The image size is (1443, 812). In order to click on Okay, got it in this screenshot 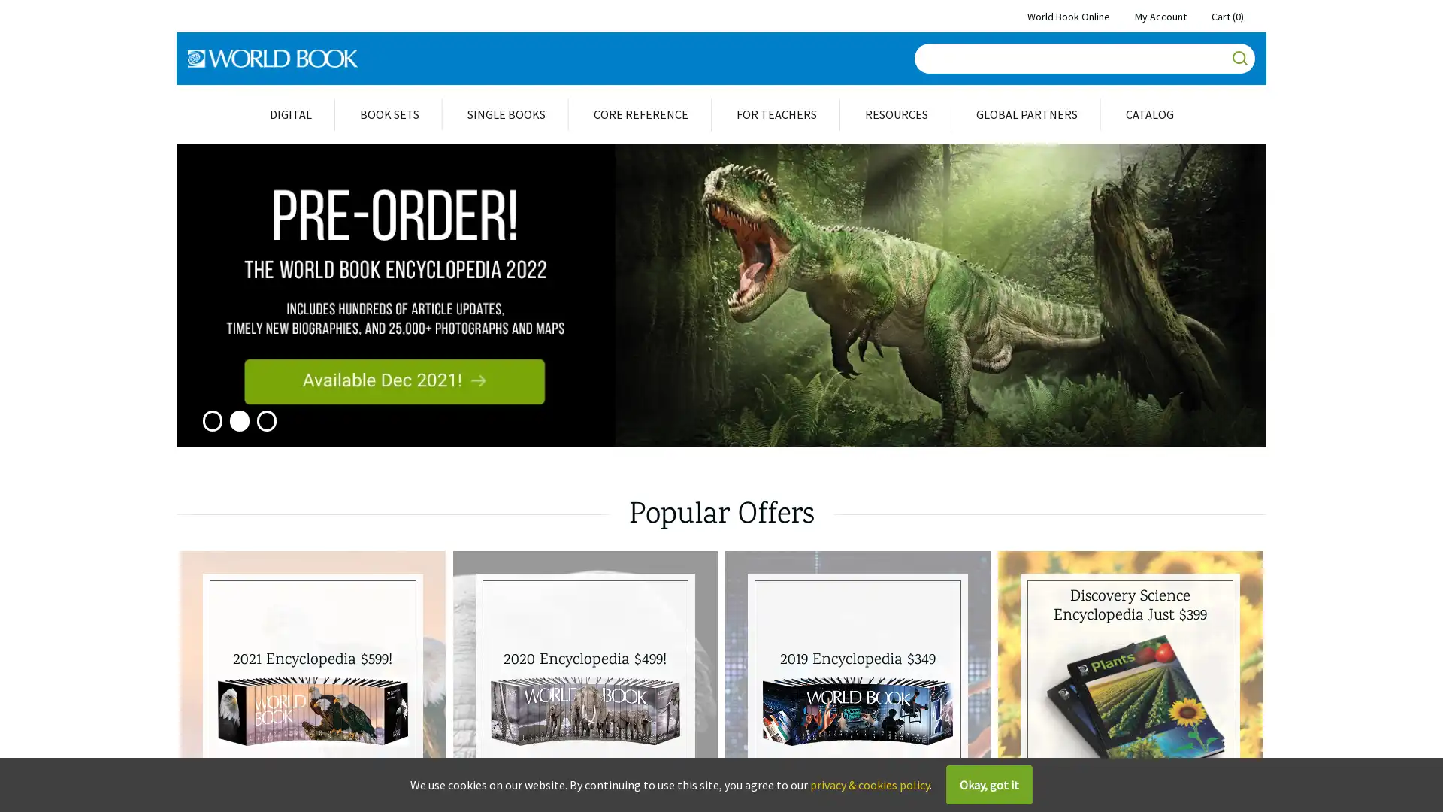, I will do `click(989, 784)`.